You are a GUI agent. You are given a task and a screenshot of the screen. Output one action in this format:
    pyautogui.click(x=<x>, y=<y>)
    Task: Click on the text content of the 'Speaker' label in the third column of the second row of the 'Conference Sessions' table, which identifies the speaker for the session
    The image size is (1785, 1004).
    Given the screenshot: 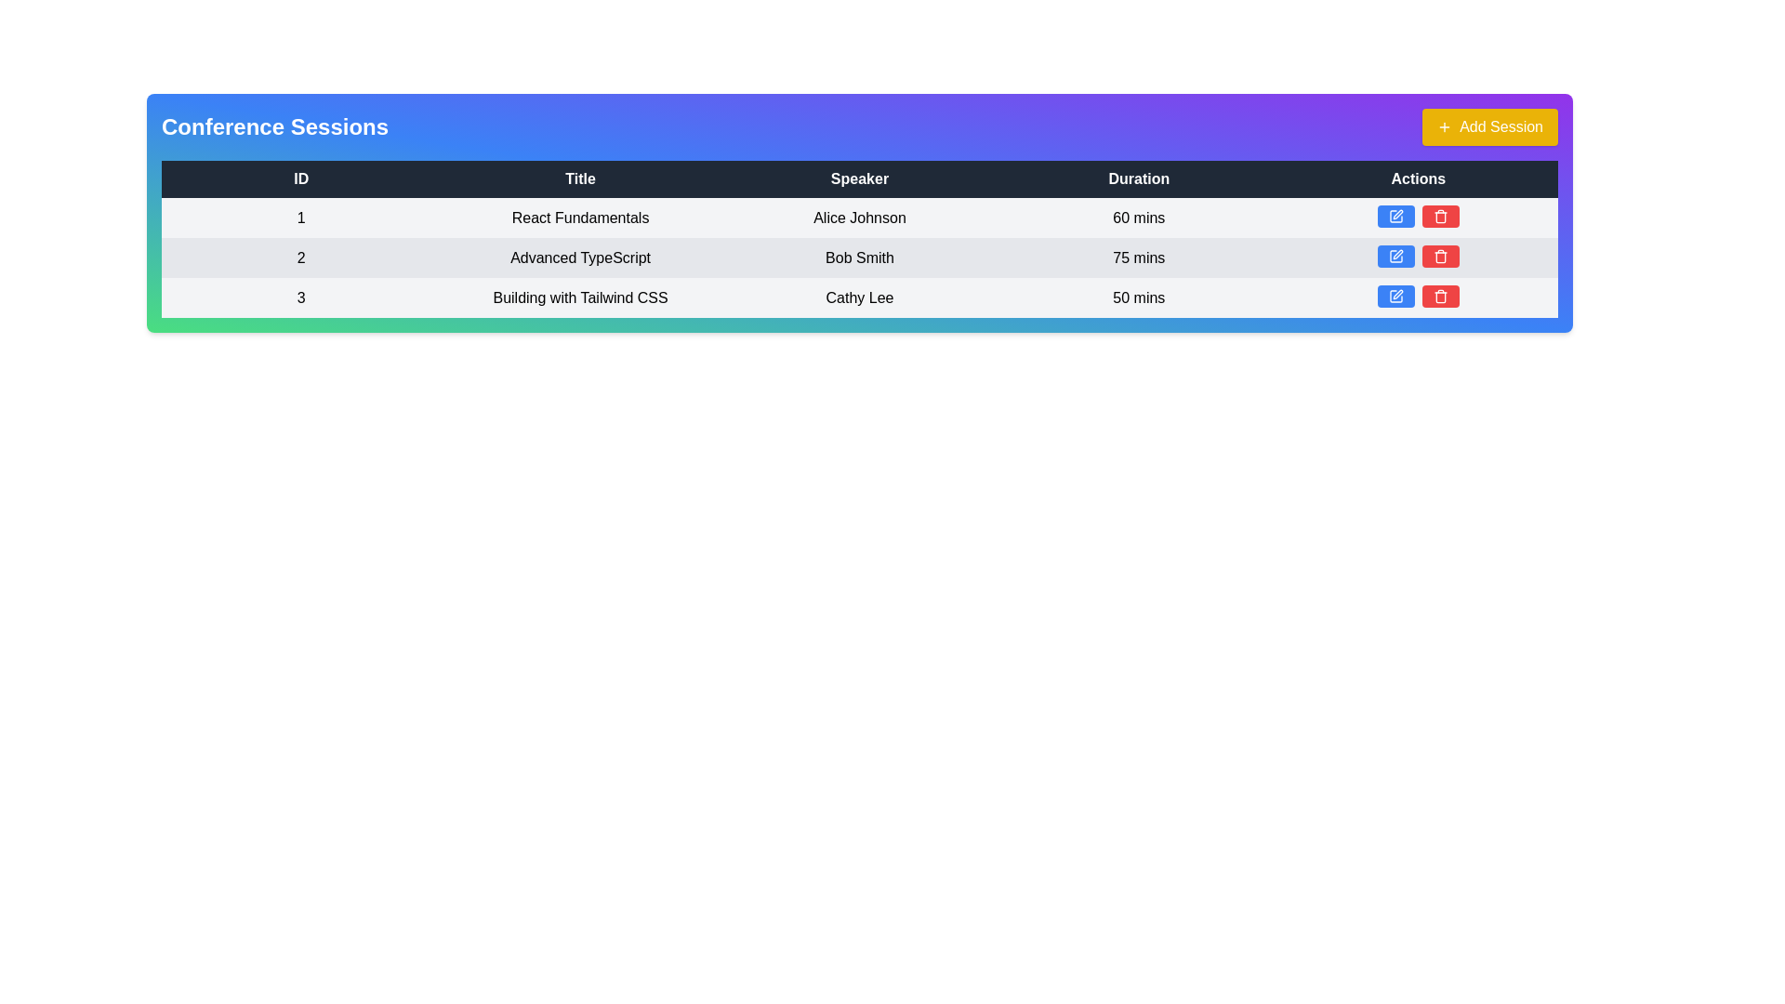 What is the action you would take?
    pyautogui.click(x=859, y=258)
    